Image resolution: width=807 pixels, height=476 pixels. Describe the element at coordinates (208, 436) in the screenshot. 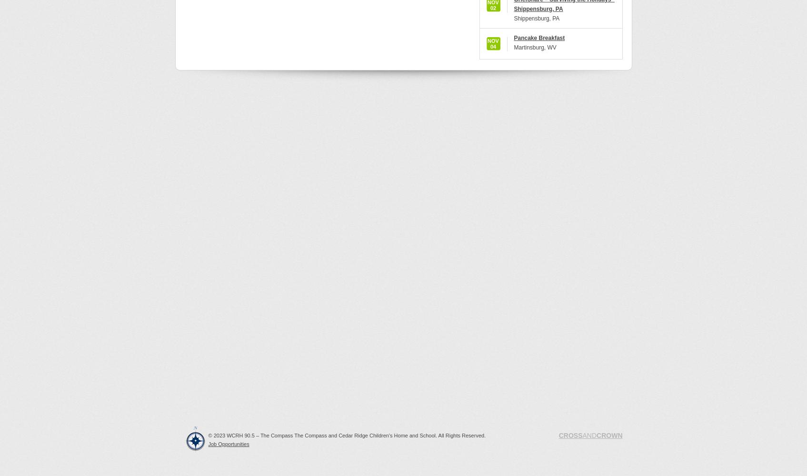

I see `'© 2023 WCRH 90.5 – The Compass The Compass and Cedar Ridge Children's Home and School.  All Rights Reserved.'` at that location.